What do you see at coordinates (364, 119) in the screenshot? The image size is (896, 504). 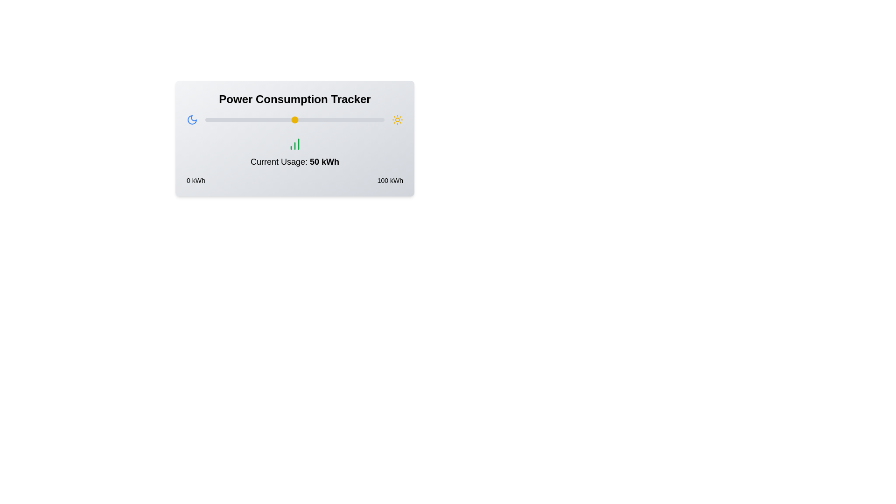 I see `the slider to set the power usage to 89 kWh` at bounding box center [364, 119].